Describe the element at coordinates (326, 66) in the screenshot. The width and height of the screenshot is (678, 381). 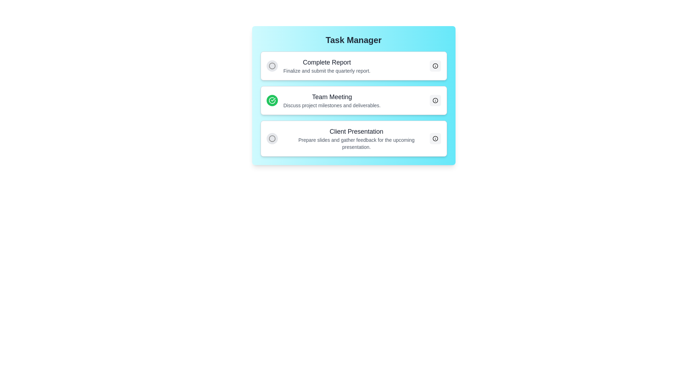
I see `the Text Display element that shows the title and description of the first task in the Task Manager interface` at that location.